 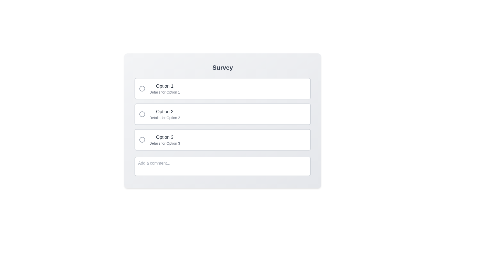 I want to click on the Text Label displaying 'Option 2', which is styled with a large font size and medium weight, colored gray, and located in the survey interface between 'Option 1' and 'Option 3', so click(x=165, y=111).